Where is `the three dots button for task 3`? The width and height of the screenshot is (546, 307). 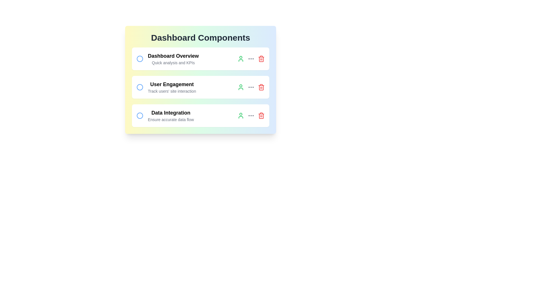 the three dots button for task 3 is located at coordinates (251, 115).